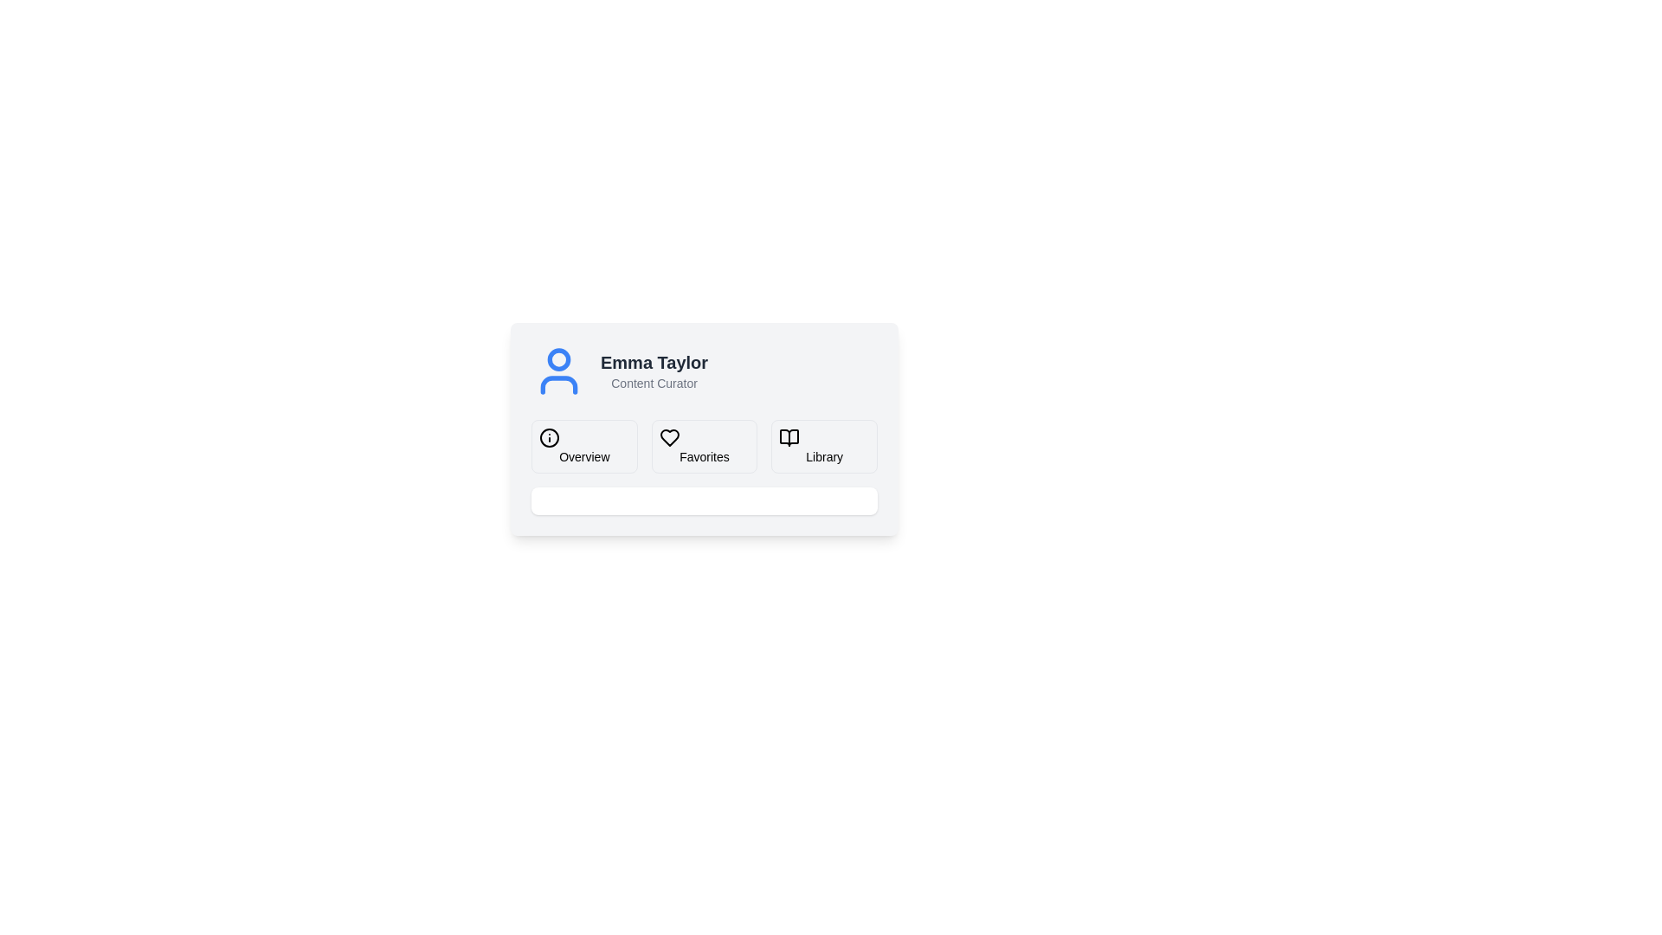  What do you see at coordinates (654, 370) in the screenshot?
I see `the Text block displaying 'Emma Taylor' and 'Content Curator'` at bounding box center [654, 370].